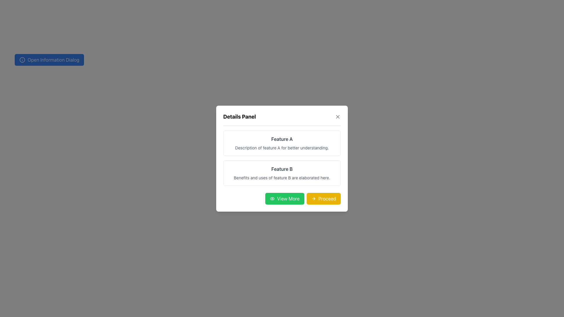 This screenshot has width=564, height=317. Describe the element at coordinates (282, 173) in the screenshot. I see `the Information panel labeled 'Feature B' which contains descriptive text about its benefits, located in the center of the modal window below 'Feature A'` at that location.